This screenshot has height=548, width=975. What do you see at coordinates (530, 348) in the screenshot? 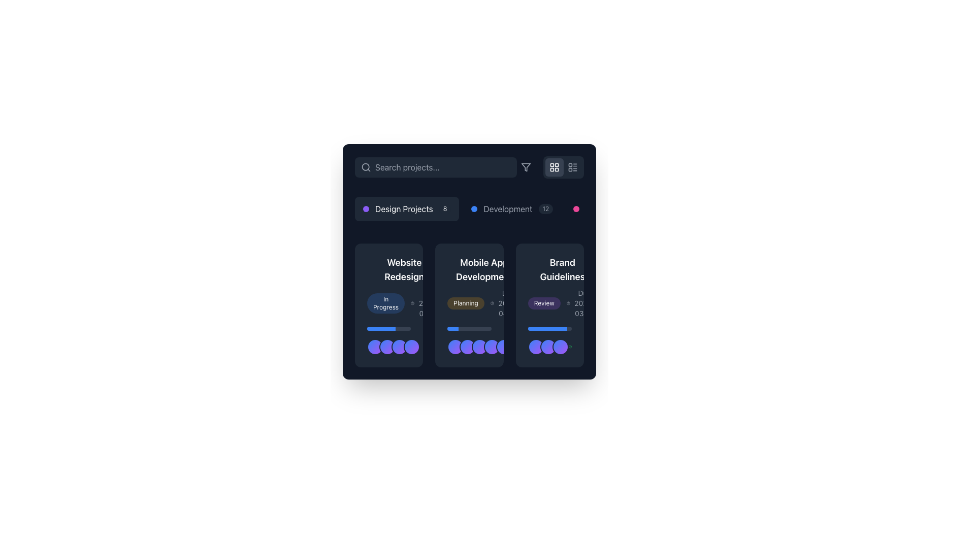
I see `the circular shape element with a 10-radius, styled with no fill and a stroke color of currentColor, located within the SVG graphic of the 'Brand Guidelines' card` at bounding box center [530, 348].